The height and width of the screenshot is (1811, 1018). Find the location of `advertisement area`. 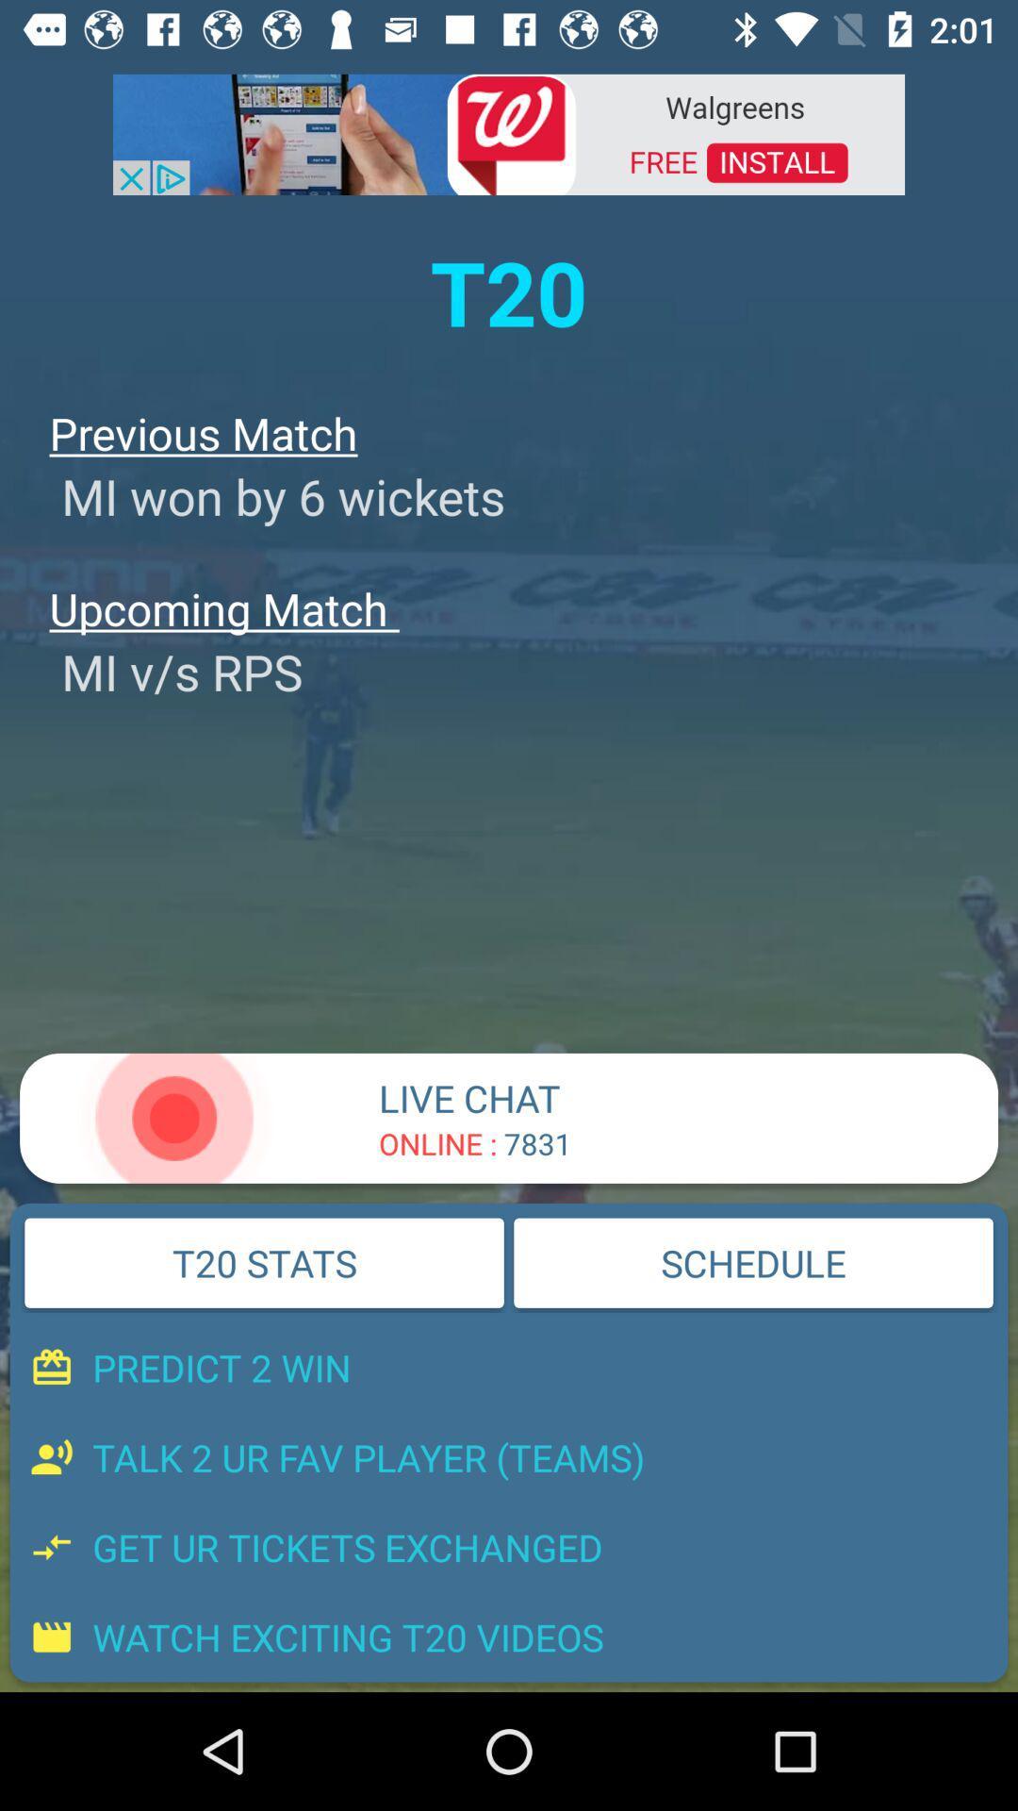

advertisement area is located at coordinates (509, 132).